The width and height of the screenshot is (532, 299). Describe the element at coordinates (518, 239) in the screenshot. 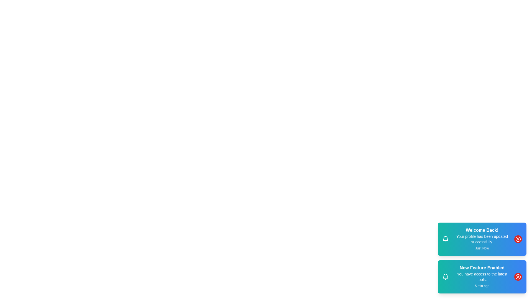

I see `the close button of the first notification to dismiss it` at that location.